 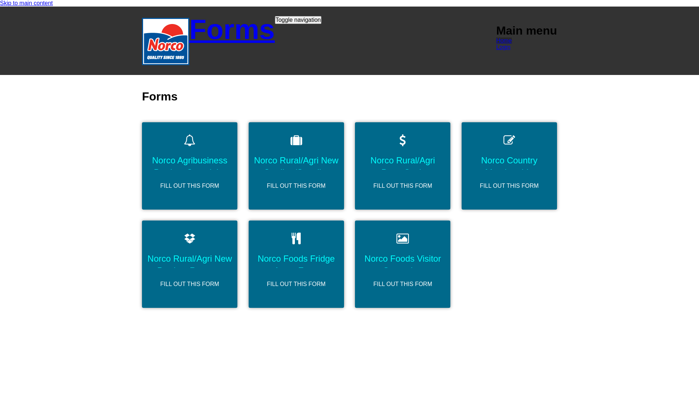 What do you see at coordinates (296, 185) in the screenshot?
I see `'FILL OUT THIS FORM'` at bounding box center [296, 185].